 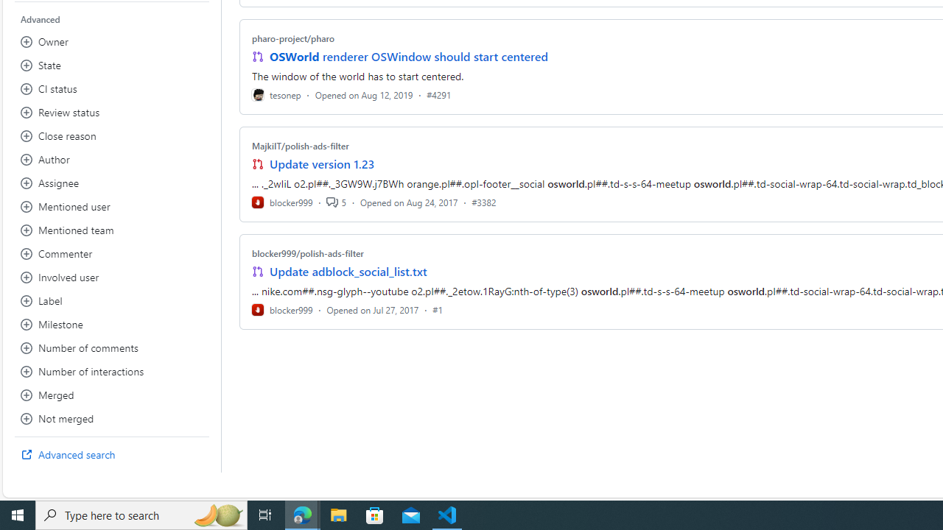 I want to click on 'Advanced search', so click(x=111, y=454).